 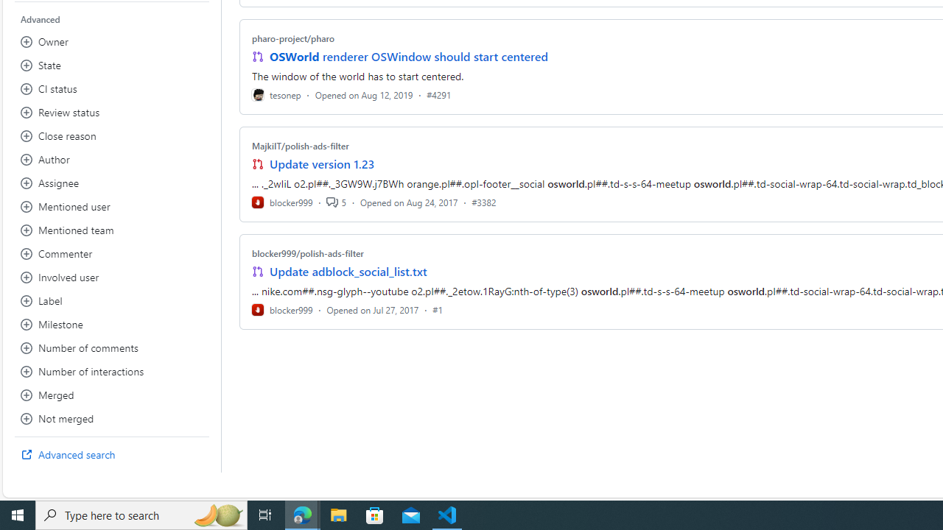 I want to click on 'Advanced search', so click(x=111, y=454).